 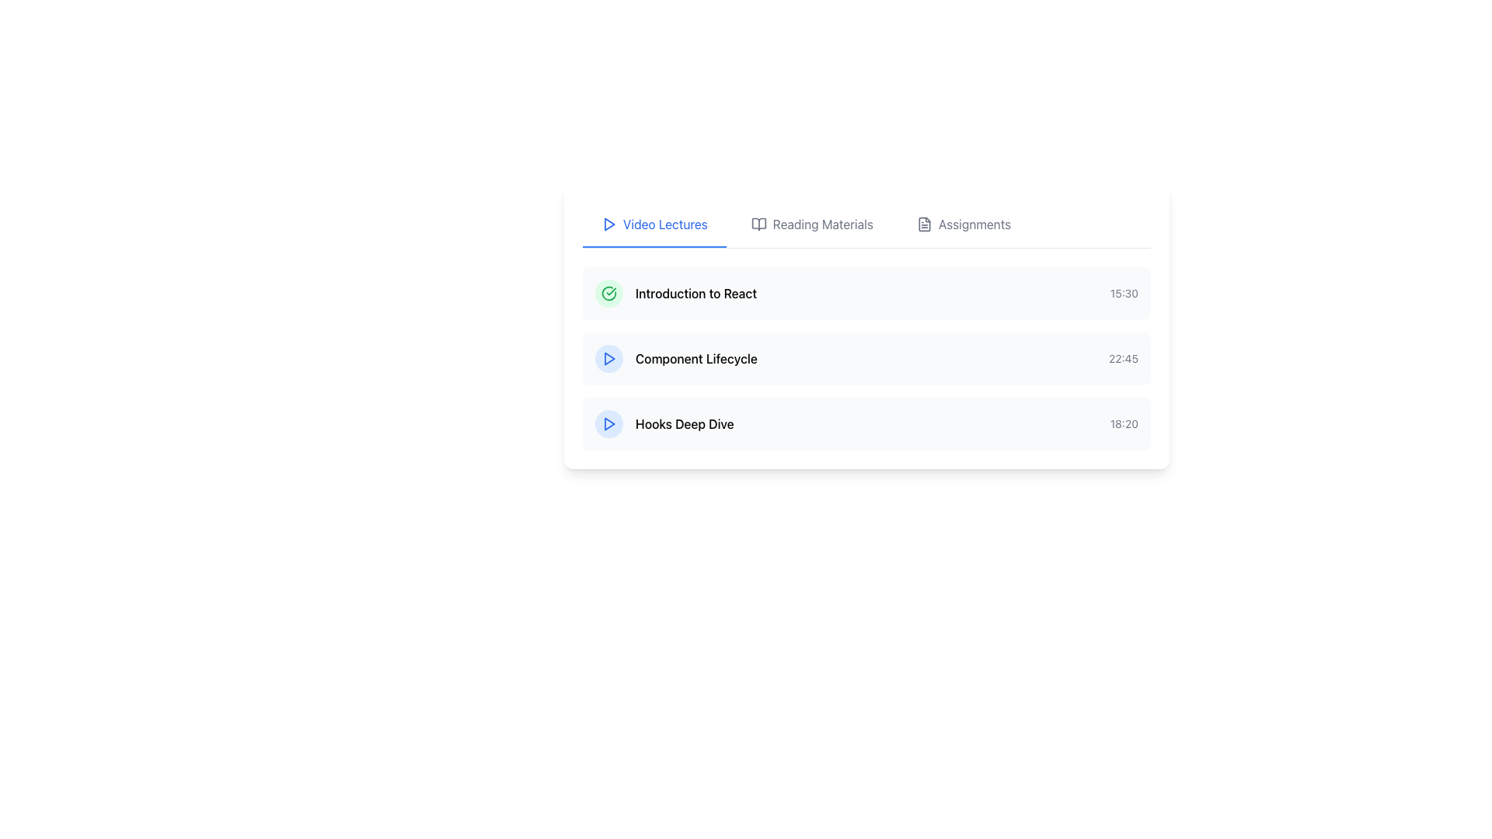 What do you see at coordinates (695, 359) in the screenshot?
I see `the text label for the section titled 'Component Lifecycle', which is positioned to the right of a small blue circular icon and is the second item in a vertical list of sections` at bounding box center [695, 359].